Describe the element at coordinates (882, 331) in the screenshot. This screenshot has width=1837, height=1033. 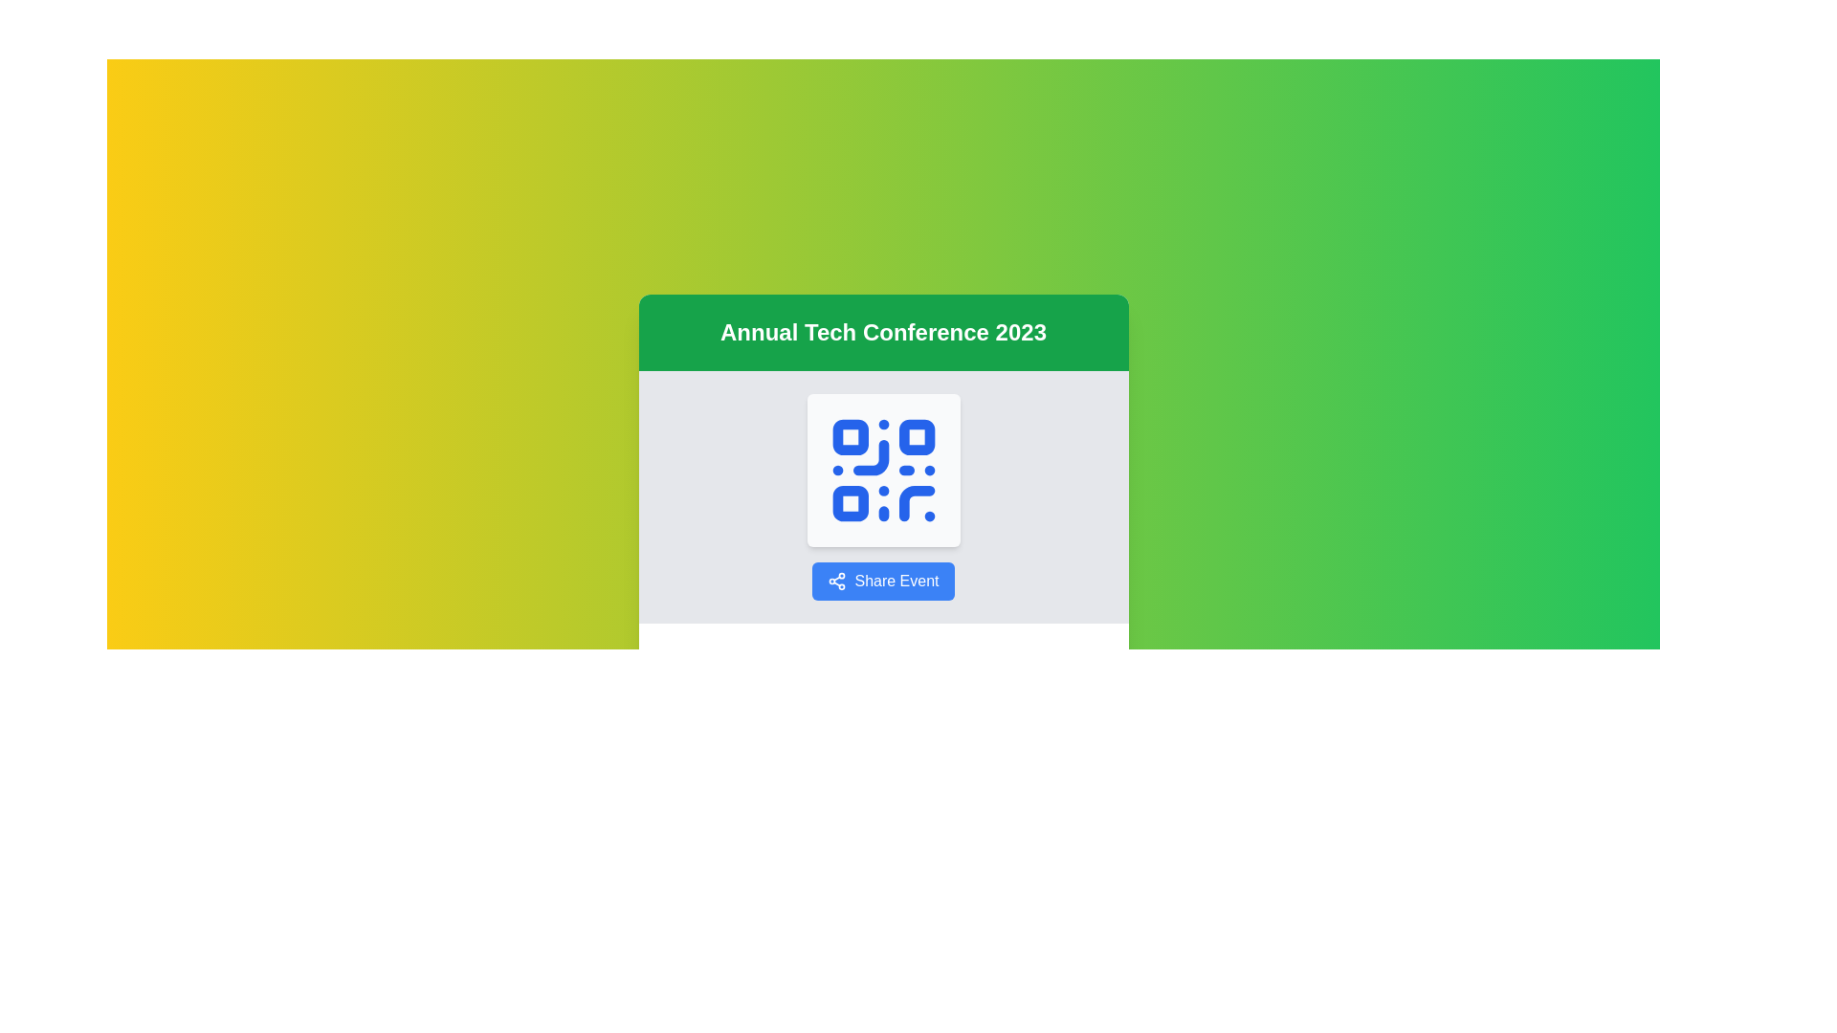
I see `the static text header that serves as the main informational context for the card, located at the top-center of the card structure above the QR code graphic and the 'Share Event' button` at that location.